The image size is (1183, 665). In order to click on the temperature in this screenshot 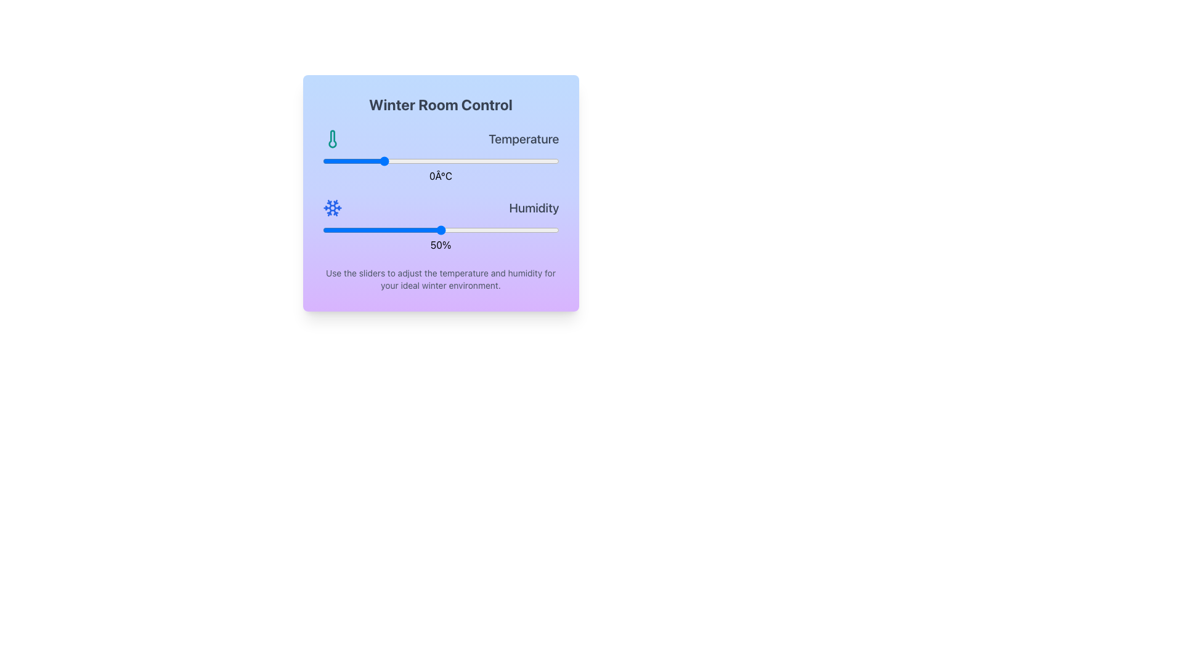, I will do `click(334, 161)`.